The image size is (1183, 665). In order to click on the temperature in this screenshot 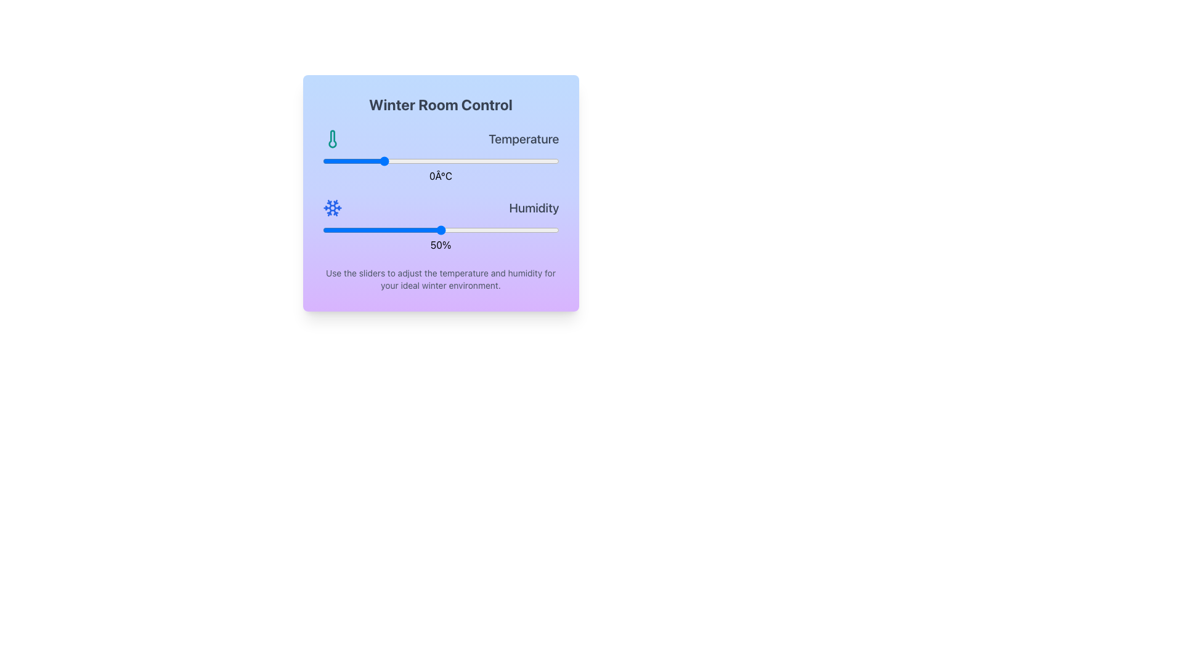, I will do `click(334, 161)`.